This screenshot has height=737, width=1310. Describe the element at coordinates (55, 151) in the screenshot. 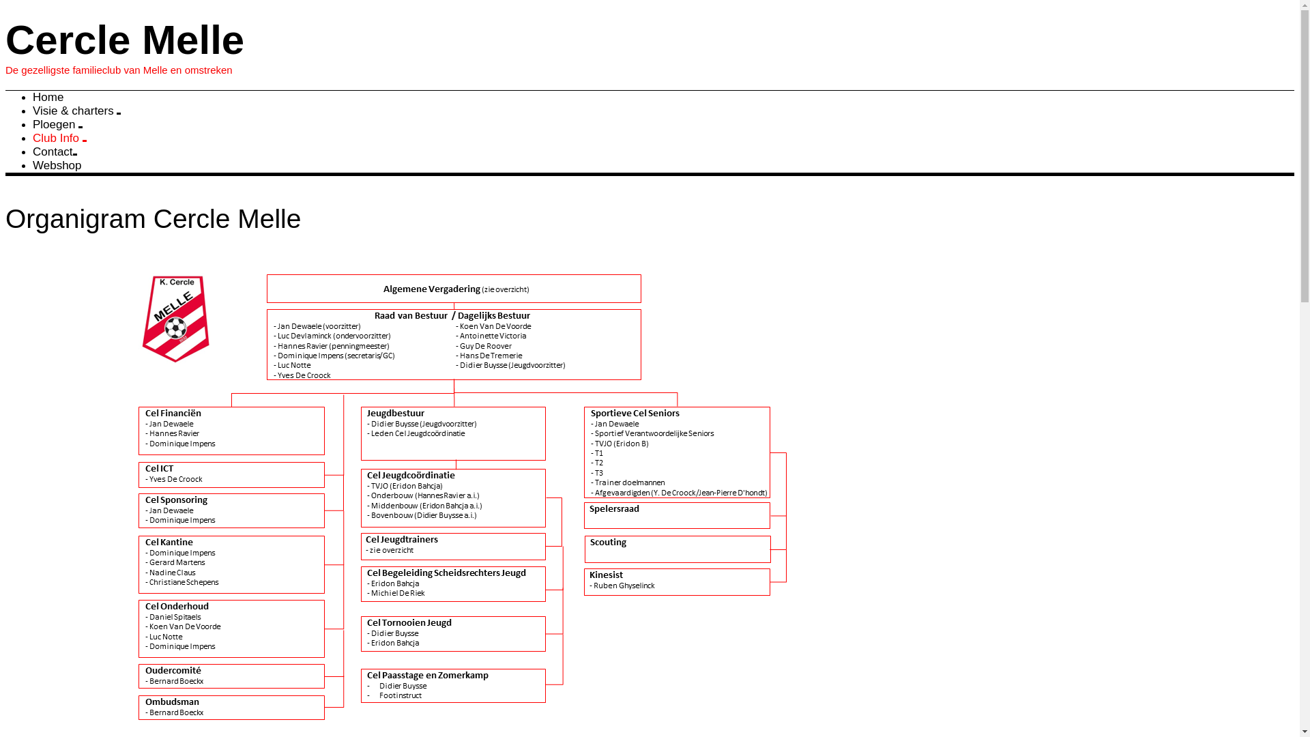

I see `'Contact'` at that location.